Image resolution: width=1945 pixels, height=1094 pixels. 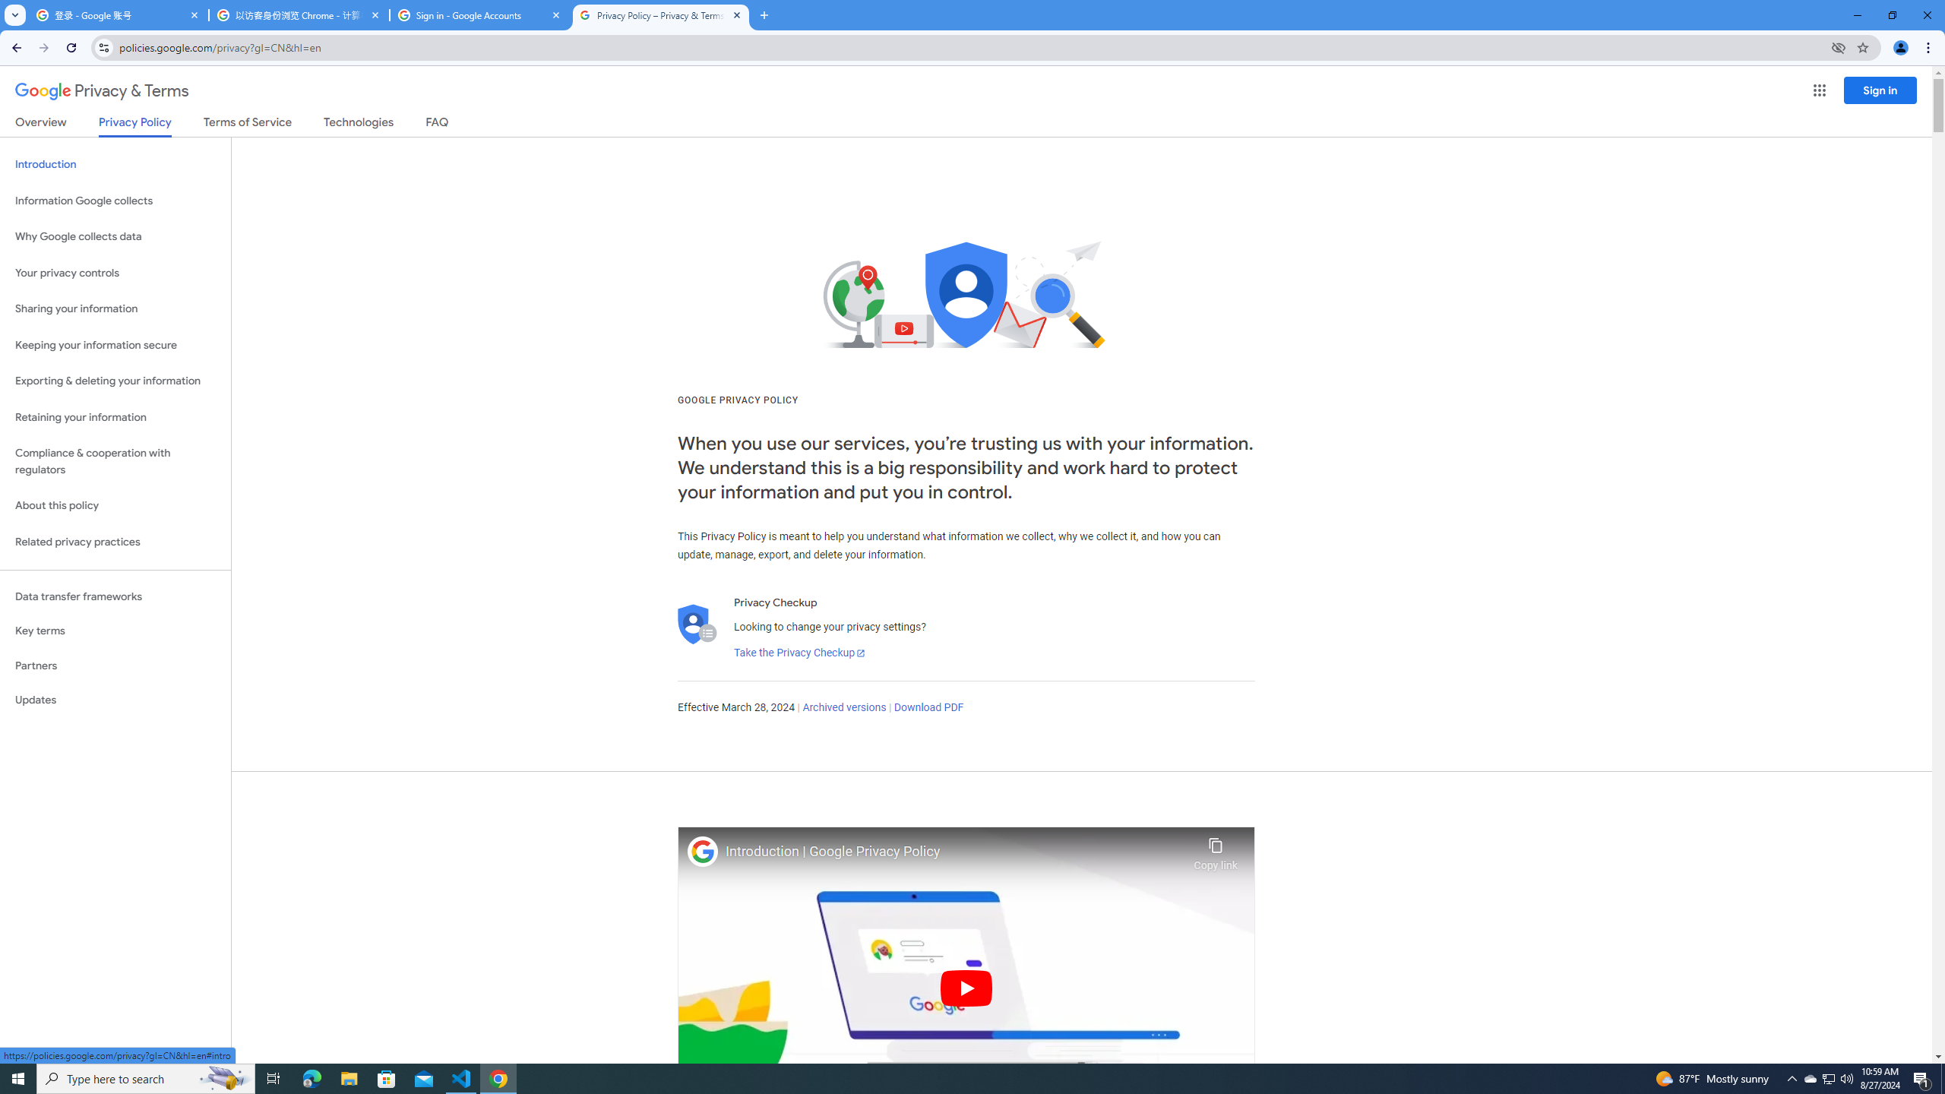 What do you see at coordinates (115, 666) in the screenshot?
I see `'Partners'` at bounding box center [115, 666].